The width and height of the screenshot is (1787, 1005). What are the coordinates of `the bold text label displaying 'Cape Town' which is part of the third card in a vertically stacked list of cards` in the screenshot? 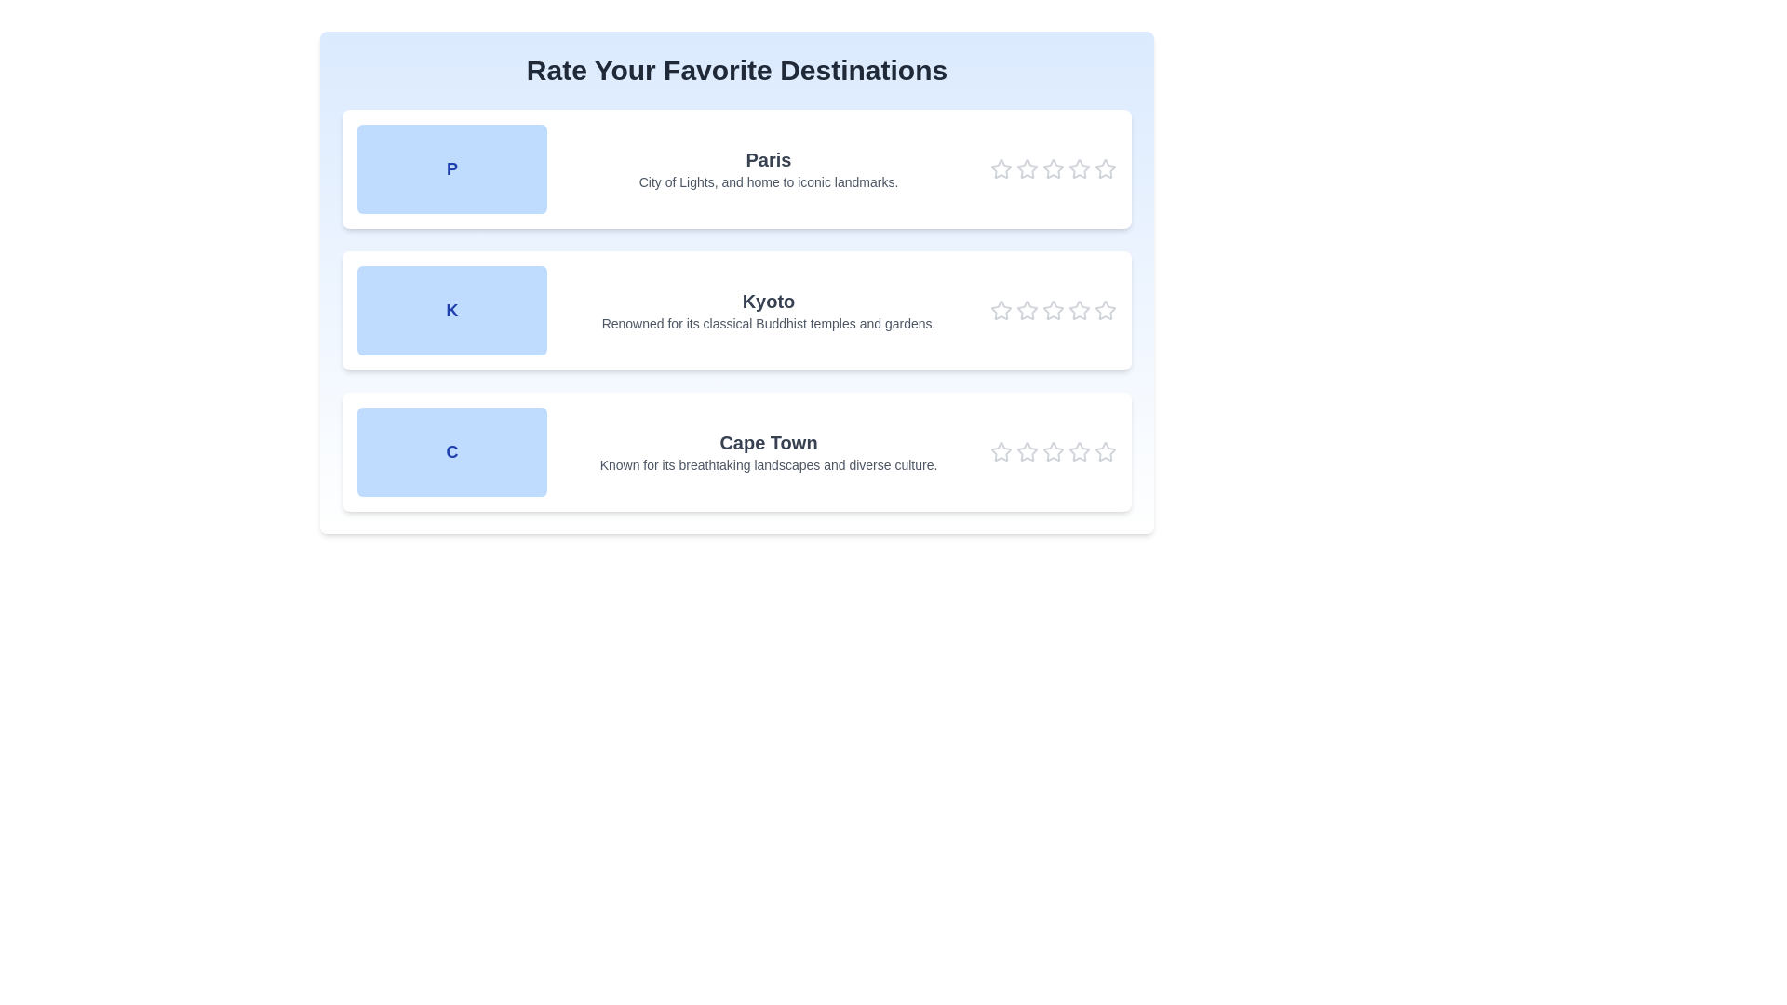 It's located at (768, 442).